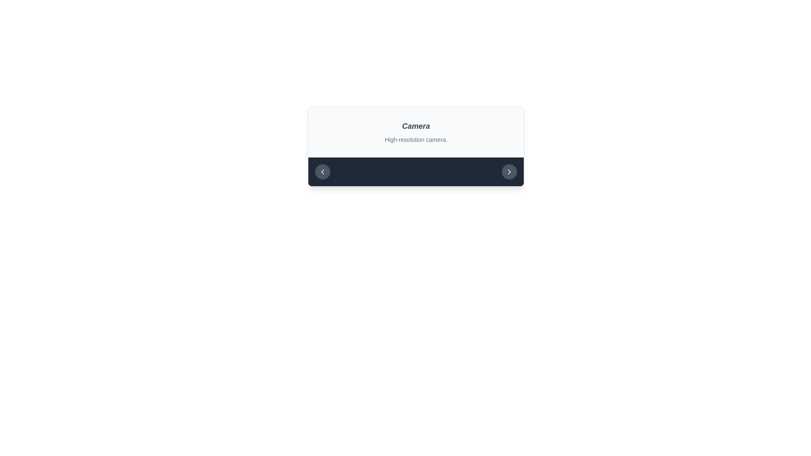 The image size is (811, 456). What do you see at coordinates (509, 171) in the screenshot?
I see `the right-pointing arrow icon button, which is enclosed in a circular button with a gray background, located at the far right end of a dark horizontal bar below a description card` at bounding box center [509, 171].